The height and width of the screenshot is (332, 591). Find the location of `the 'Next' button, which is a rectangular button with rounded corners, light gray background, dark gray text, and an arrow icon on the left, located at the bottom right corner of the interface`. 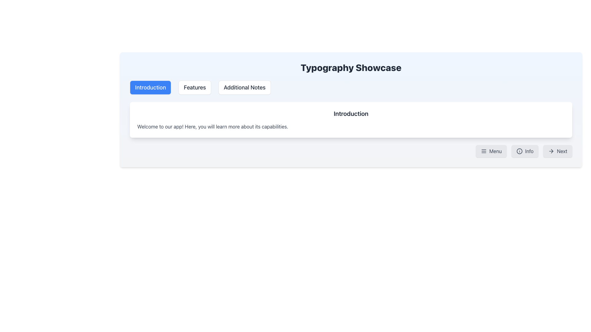

the 'Next' button, which is a rectangular button with rounded corners, light gray background, dark gray text, and an arrow icon on the left, located at the bottom right corner of the interface is located at coordinates (558, 151).